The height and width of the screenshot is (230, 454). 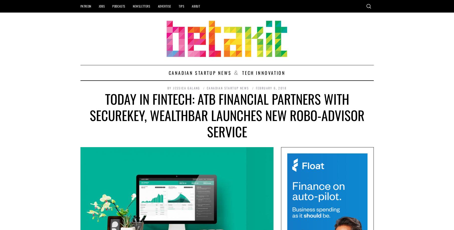 I want to click on 'Advertise', so click(x=164, y=6).